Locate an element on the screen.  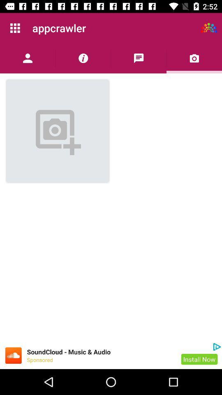
details is located at coordinates (83, 58).